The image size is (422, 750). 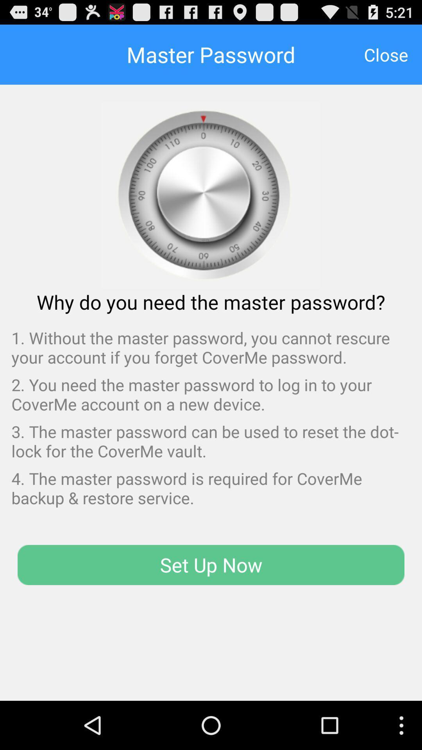 I want to click on close icon, so click(x=386, y=54).